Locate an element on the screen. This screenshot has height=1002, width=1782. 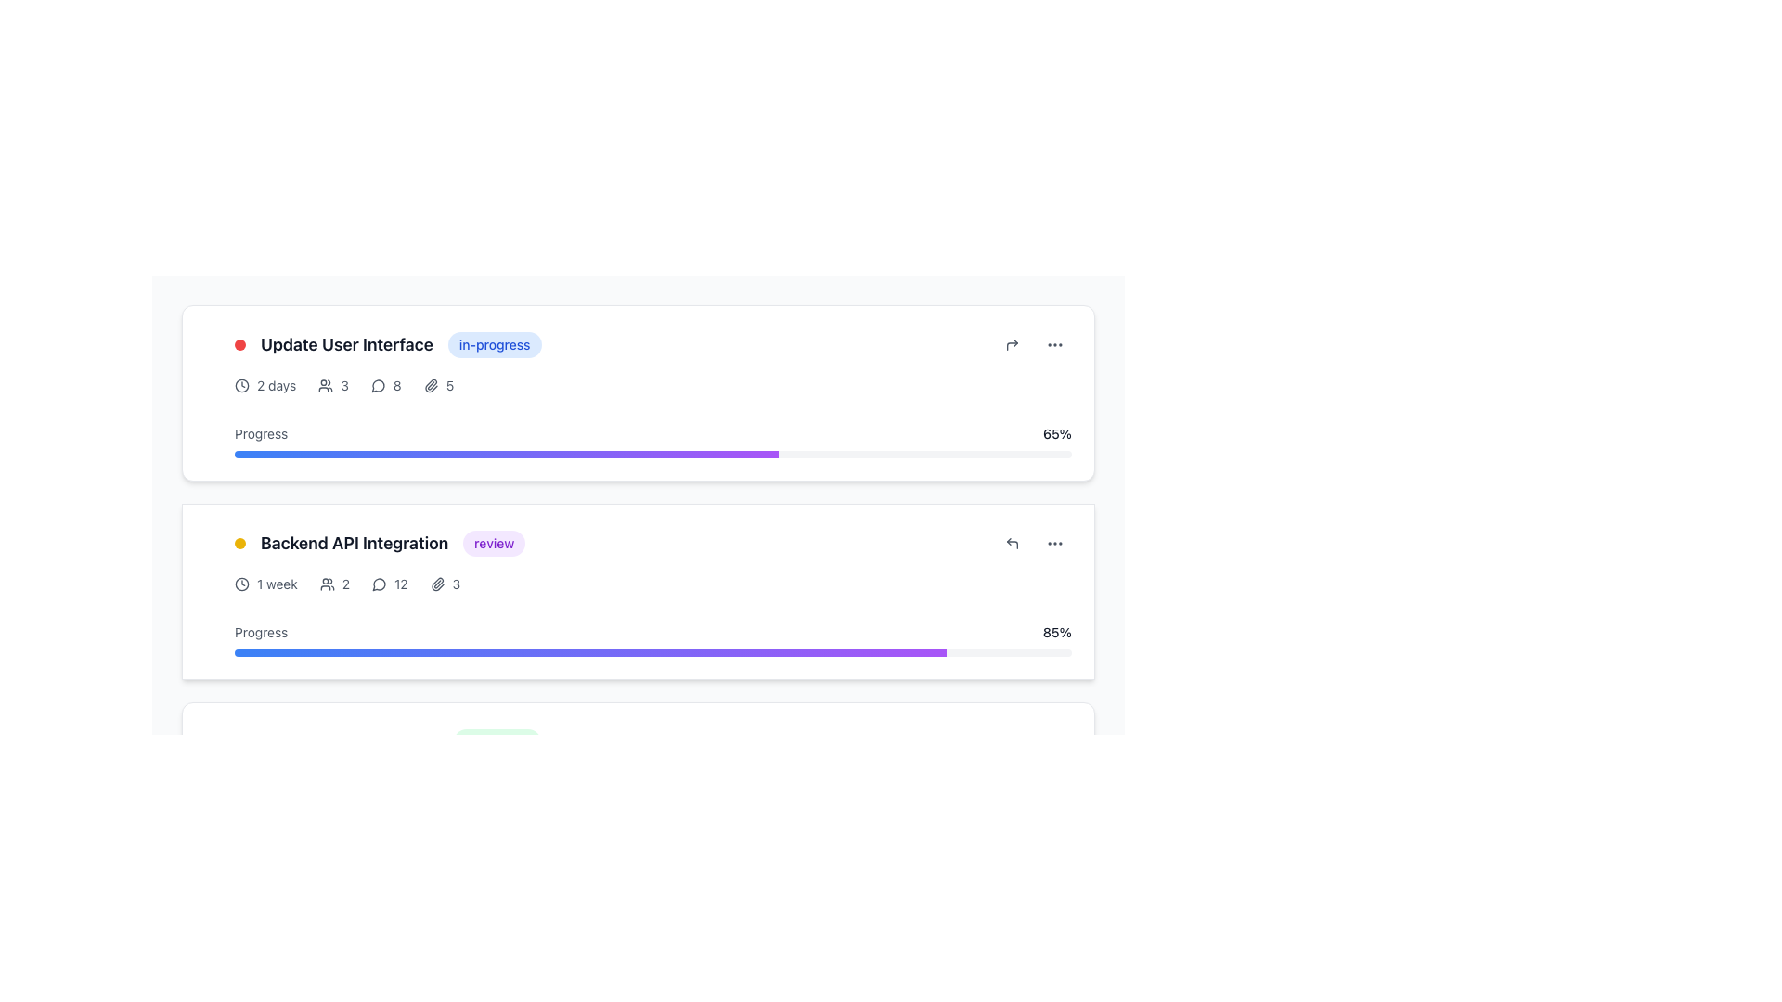
the task card titled 'Update User Interface' which is the top card in the list, featuring a blue 'in-progress' badge and a progress bar indicating 65% completion is located at coordinates (653, 392).